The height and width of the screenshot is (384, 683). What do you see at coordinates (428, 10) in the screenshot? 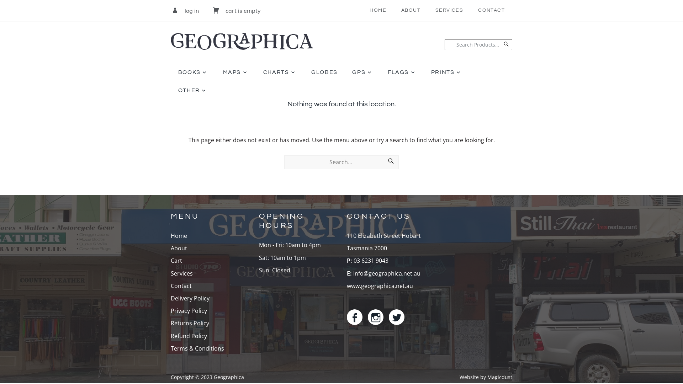
I see `'SERVICES'` at bounding box center [428, 10].